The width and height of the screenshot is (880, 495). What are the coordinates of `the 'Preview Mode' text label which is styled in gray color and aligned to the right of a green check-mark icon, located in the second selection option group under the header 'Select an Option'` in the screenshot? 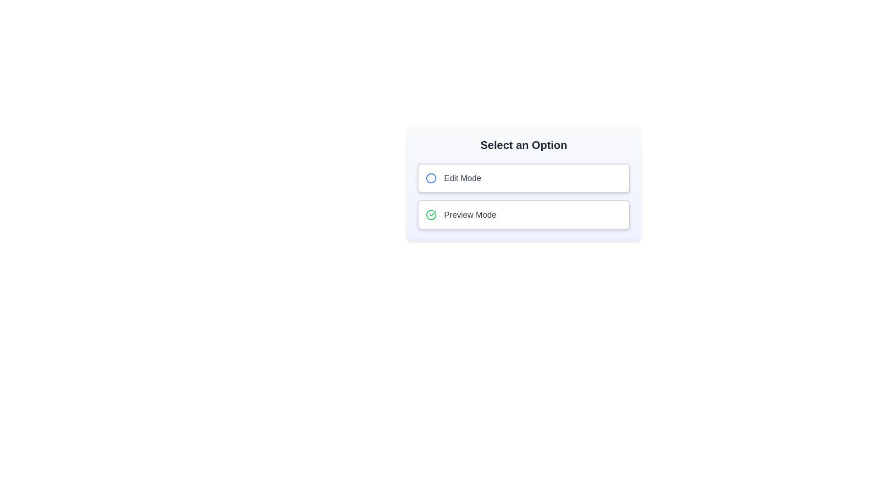 It's located at (470, 215).